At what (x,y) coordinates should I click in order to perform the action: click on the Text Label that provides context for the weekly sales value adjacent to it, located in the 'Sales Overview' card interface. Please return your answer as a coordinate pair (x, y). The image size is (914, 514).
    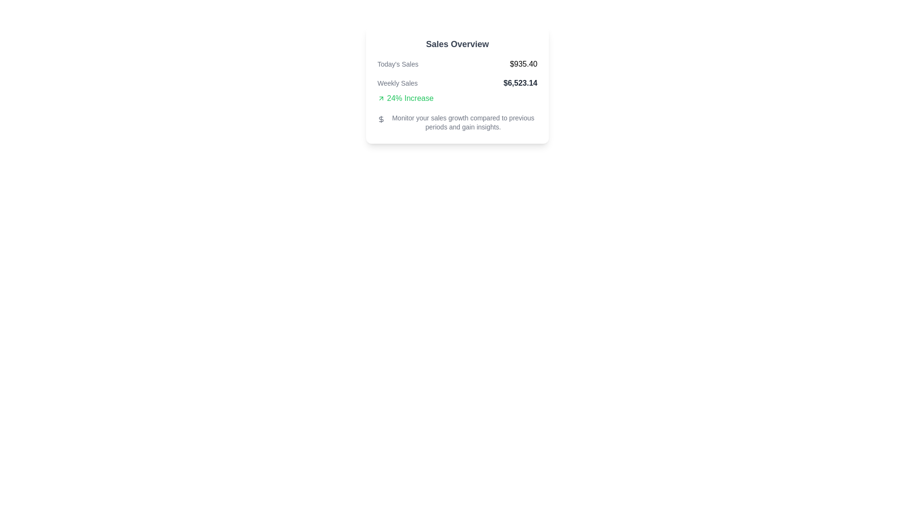
    Looking at the image, I should click on (397, 82).